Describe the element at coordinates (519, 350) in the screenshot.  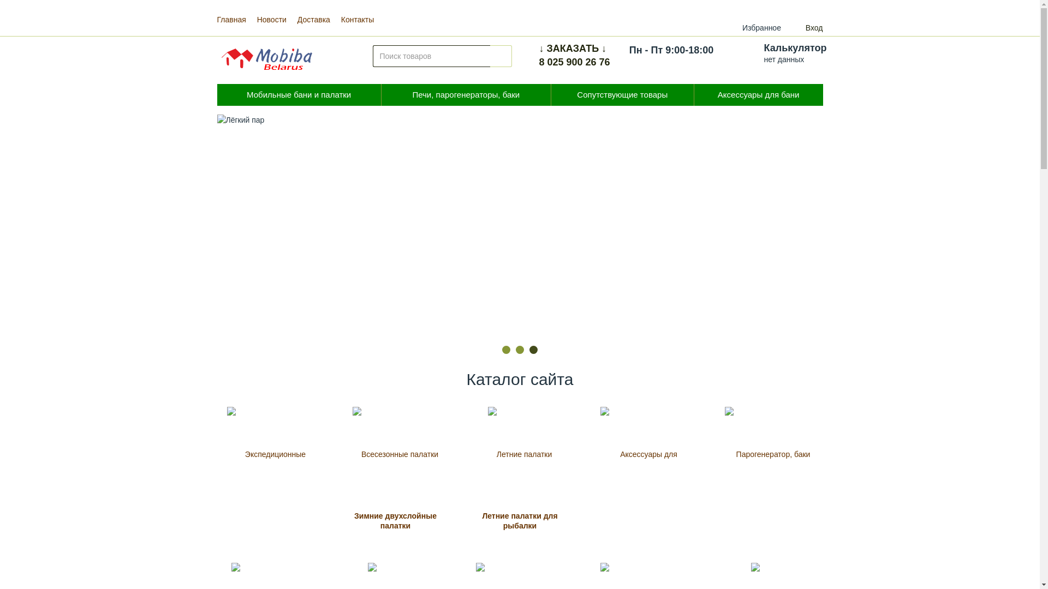
I see `'2'` at that location.